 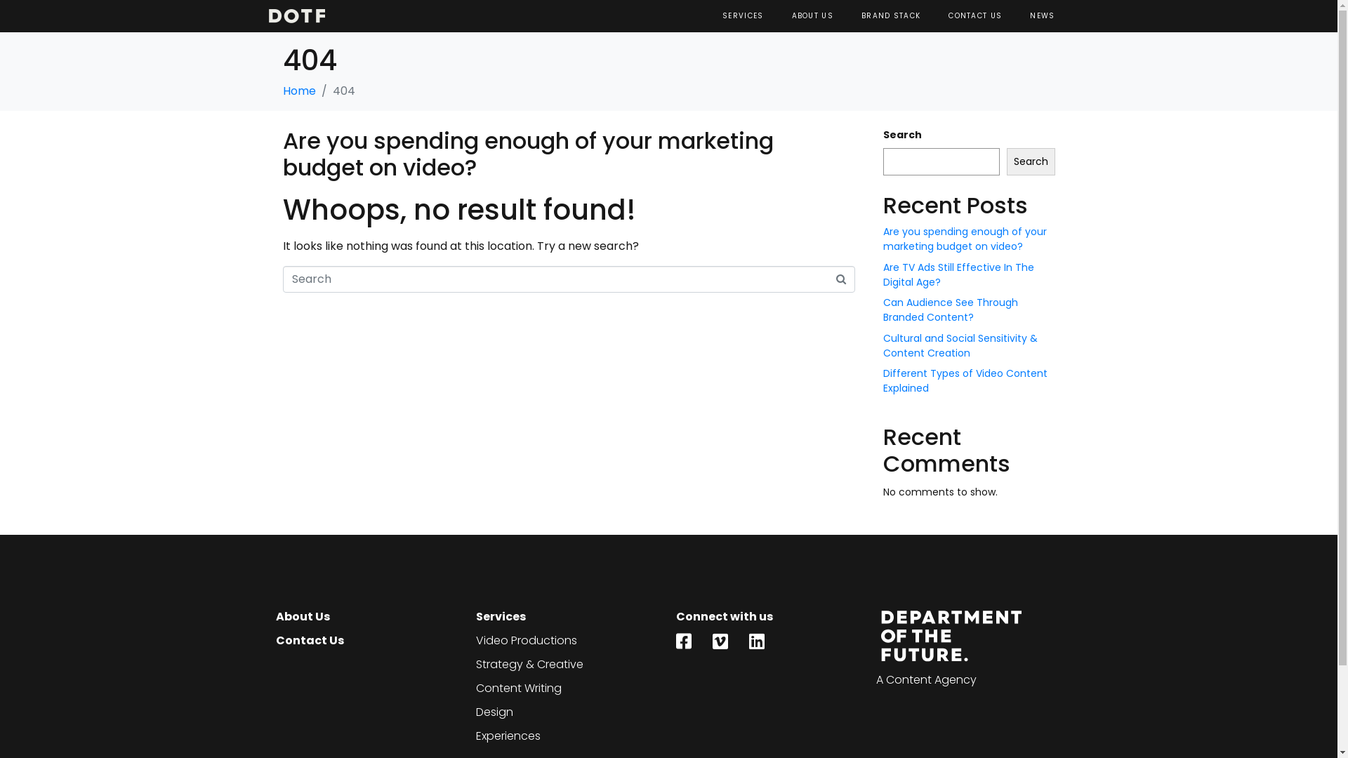 I want to click on 'Experiences', so click(x=475, y=736).